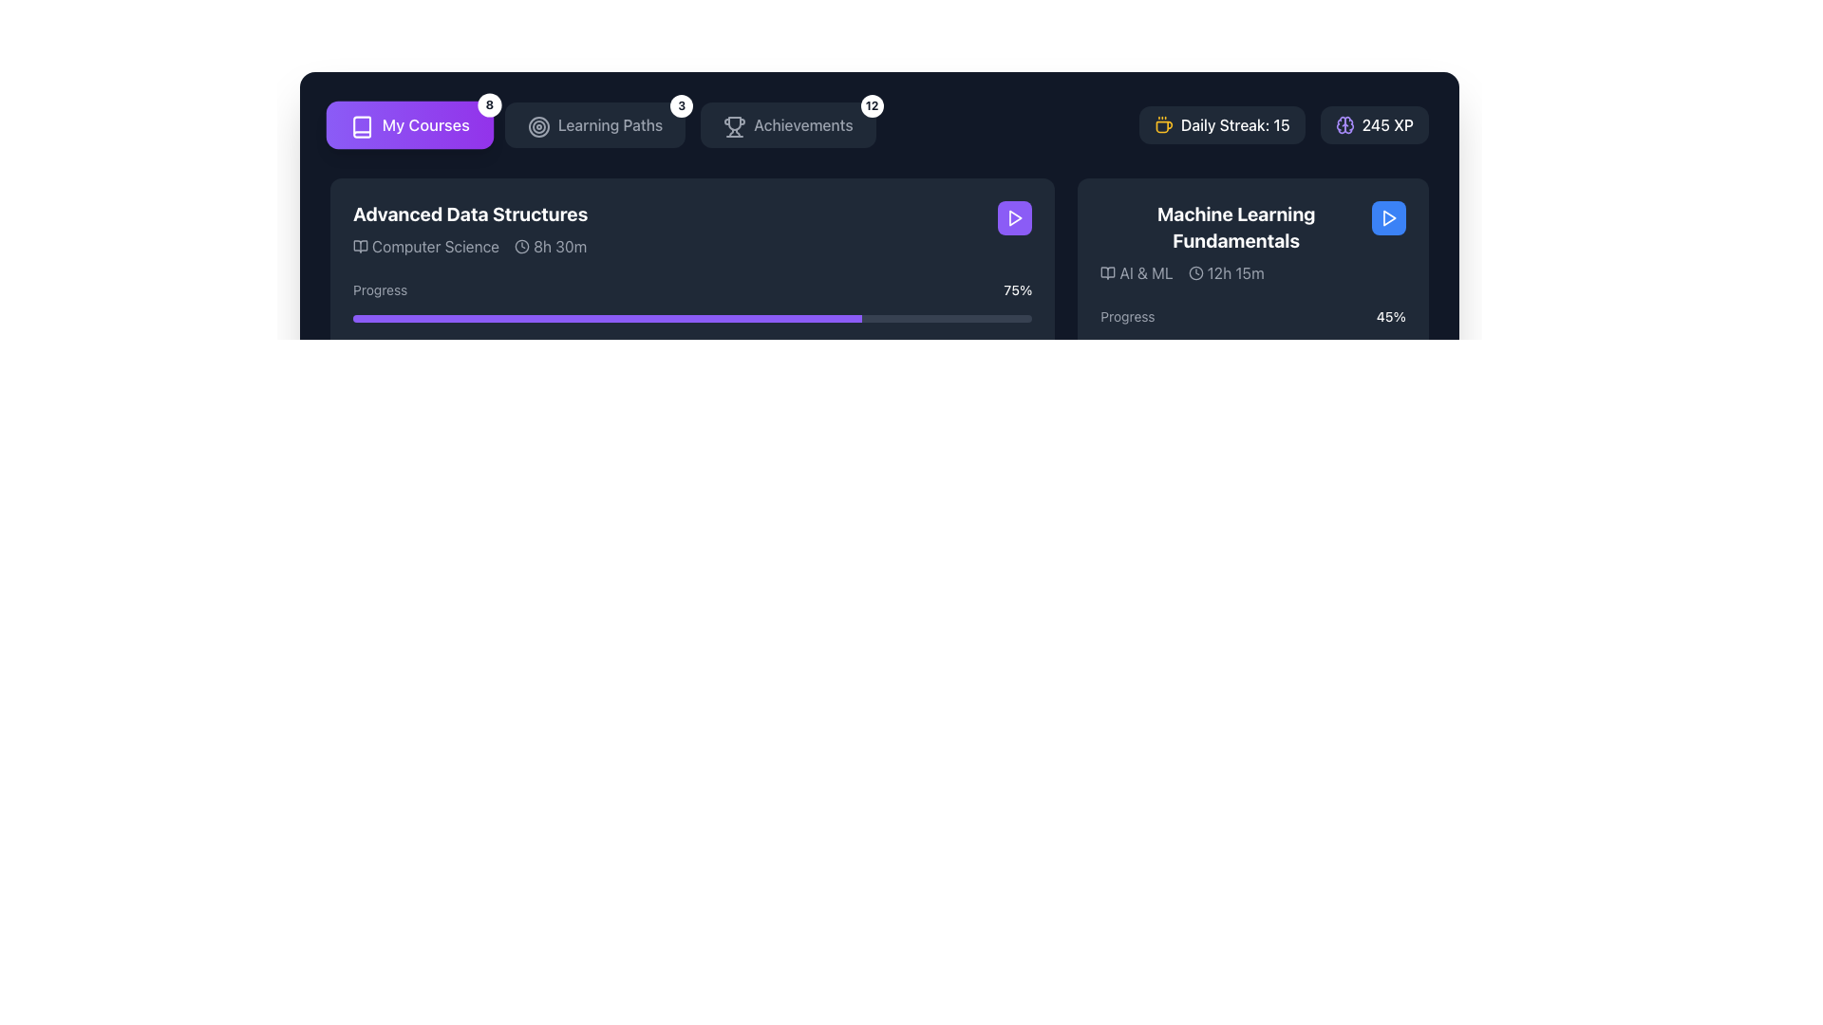 This screenshot has height=1025, width=1823. Describe the element at coordinates (594, 124) in the screenshot. I see `the 'Learning Paths' button with a badge displaying the number '3'` at that location.